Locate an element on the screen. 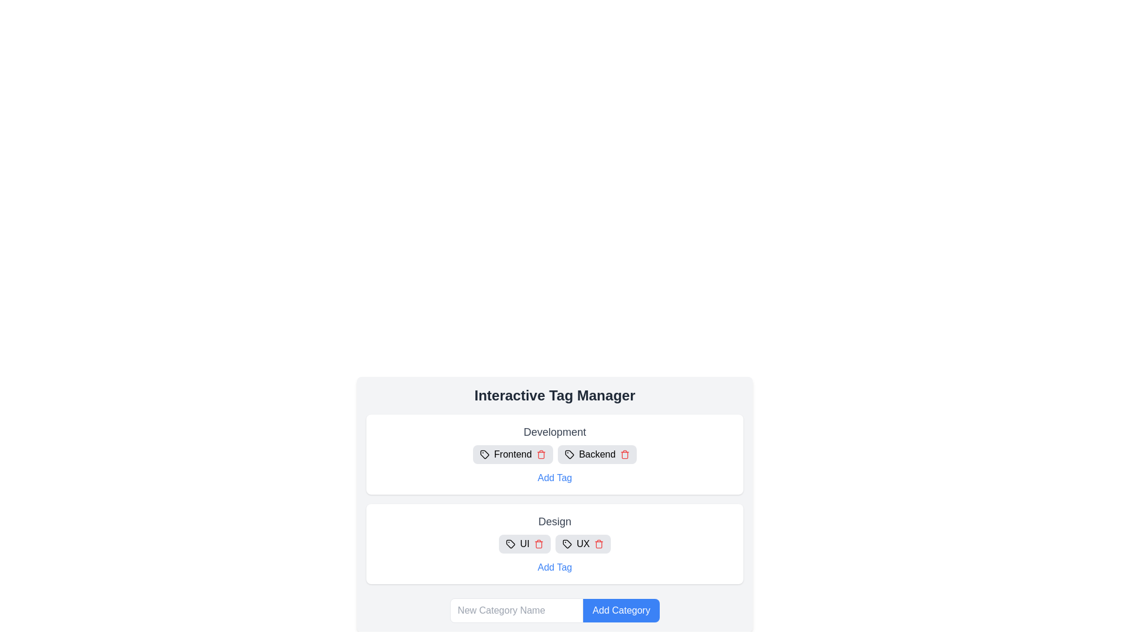  the 'UI' badge located under the Design category is located at coordinates (524, 544).